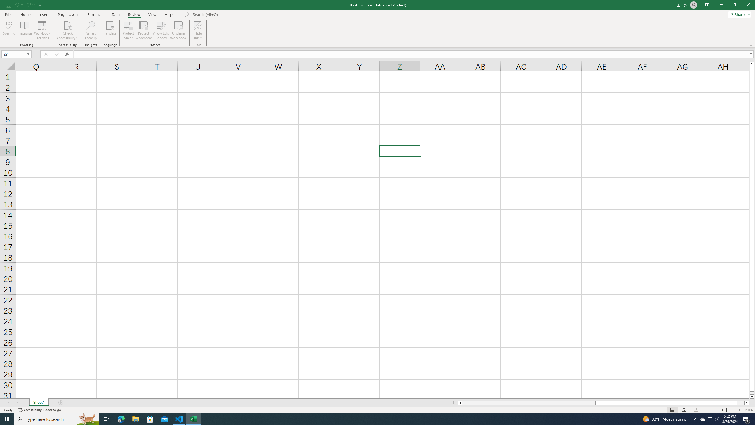 The height and width of the screenshot is (425, 755). I want to click on 'Hide Ink', so click(198, 25).